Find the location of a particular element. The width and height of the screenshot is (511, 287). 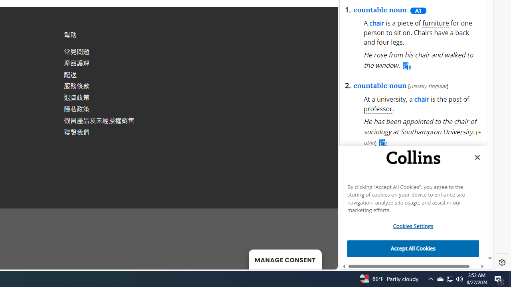

'professor' is located at coordinates (378, 109).